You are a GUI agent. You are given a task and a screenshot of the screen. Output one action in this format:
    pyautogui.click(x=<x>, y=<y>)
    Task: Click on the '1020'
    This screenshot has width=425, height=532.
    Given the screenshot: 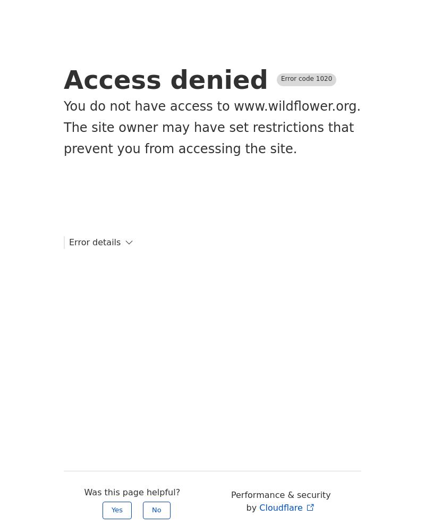 What is the action you would take?
    pyautogui.click(x=315, y=79)
    